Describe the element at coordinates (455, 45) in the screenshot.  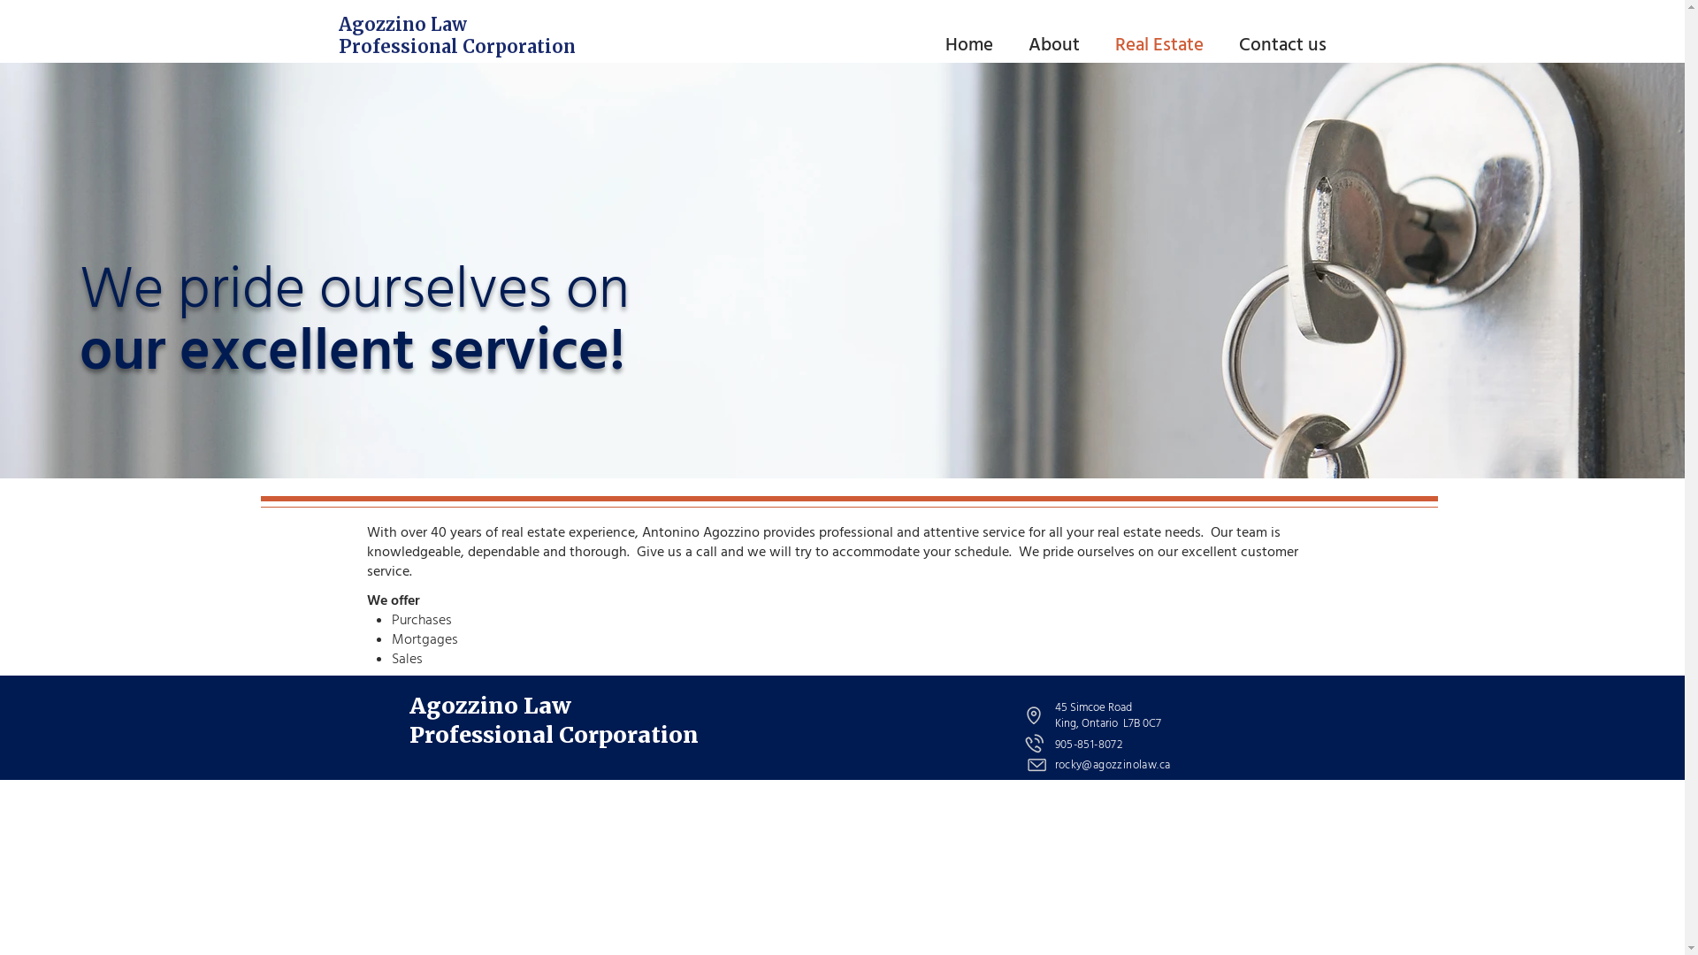
I see `'Professional Corporation'` at that location.